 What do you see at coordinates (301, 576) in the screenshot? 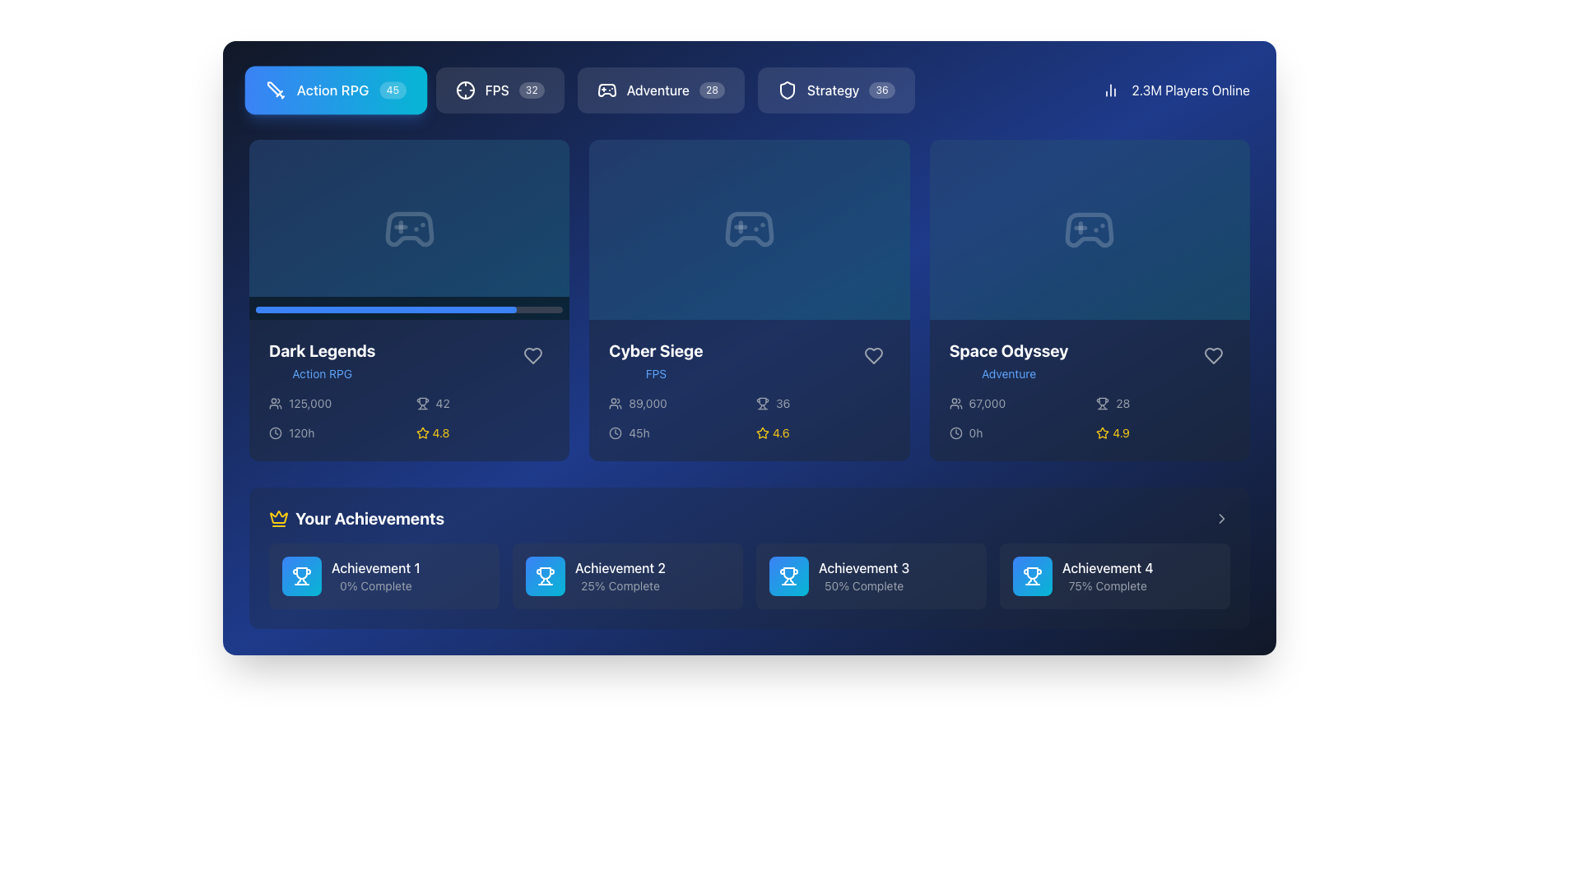
I see `the icon representing 'Achievement 1'` at bounding box center [301, 576].